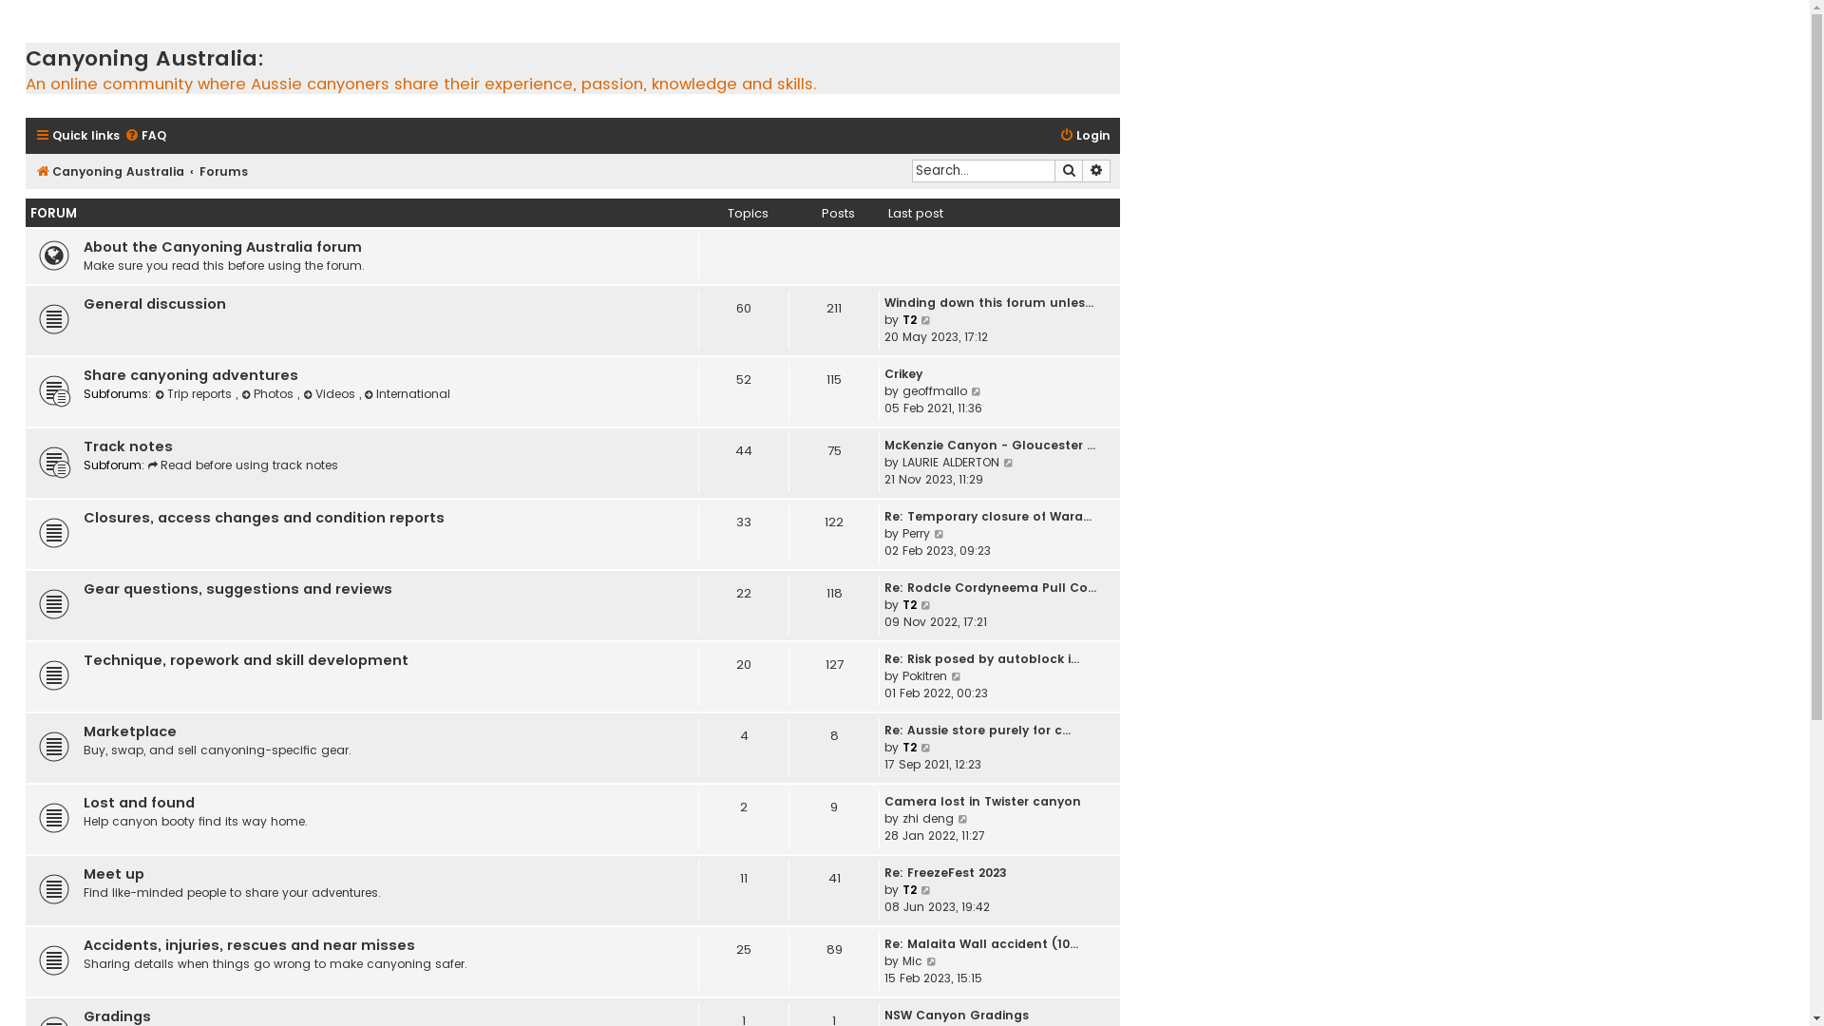 The image size is (1824, 1026). What do you see at coordinates (982, 802) in the screenshot?
I see `'Camera lost in Twister canyon'` at bounding box center [982, 802].